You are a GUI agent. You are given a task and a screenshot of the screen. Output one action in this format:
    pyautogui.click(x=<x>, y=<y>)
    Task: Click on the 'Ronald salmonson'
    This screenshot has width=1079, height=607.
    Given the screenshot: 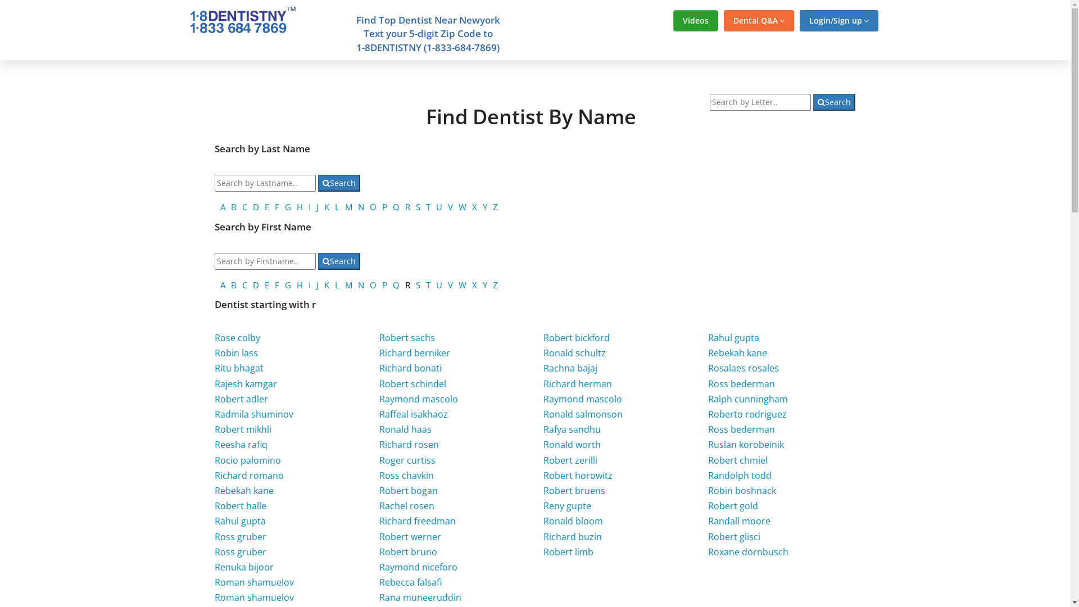 What is the action you would take?
    pyautogui.click(x=583, y=414)
    